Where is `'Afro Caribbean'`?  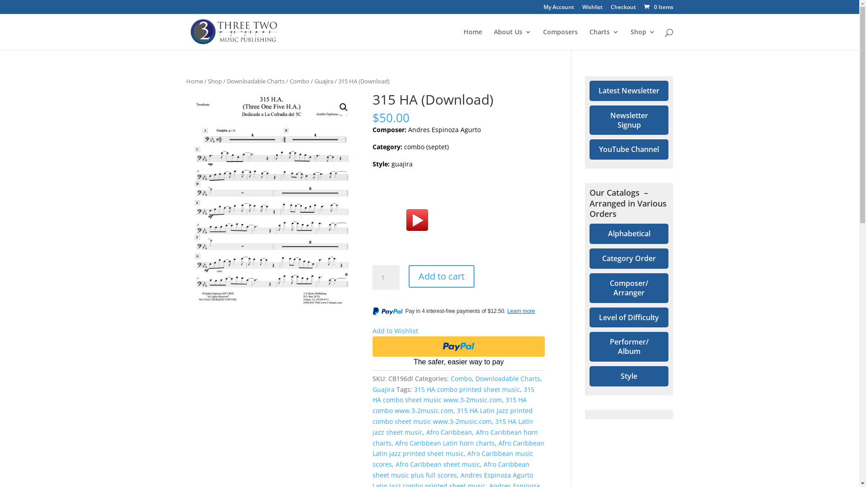
'Afro Caribbean' is located at coordinates (449, 432).